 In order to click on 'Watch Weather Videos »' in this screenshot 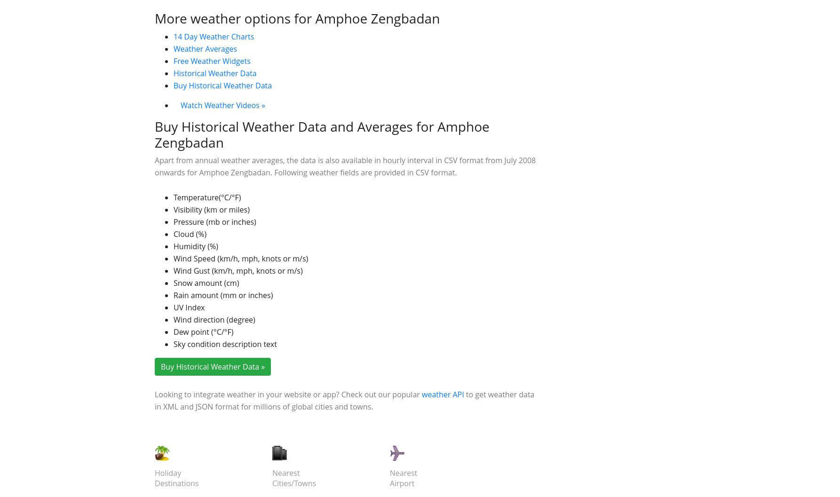, I will do `click(222, 245)`.